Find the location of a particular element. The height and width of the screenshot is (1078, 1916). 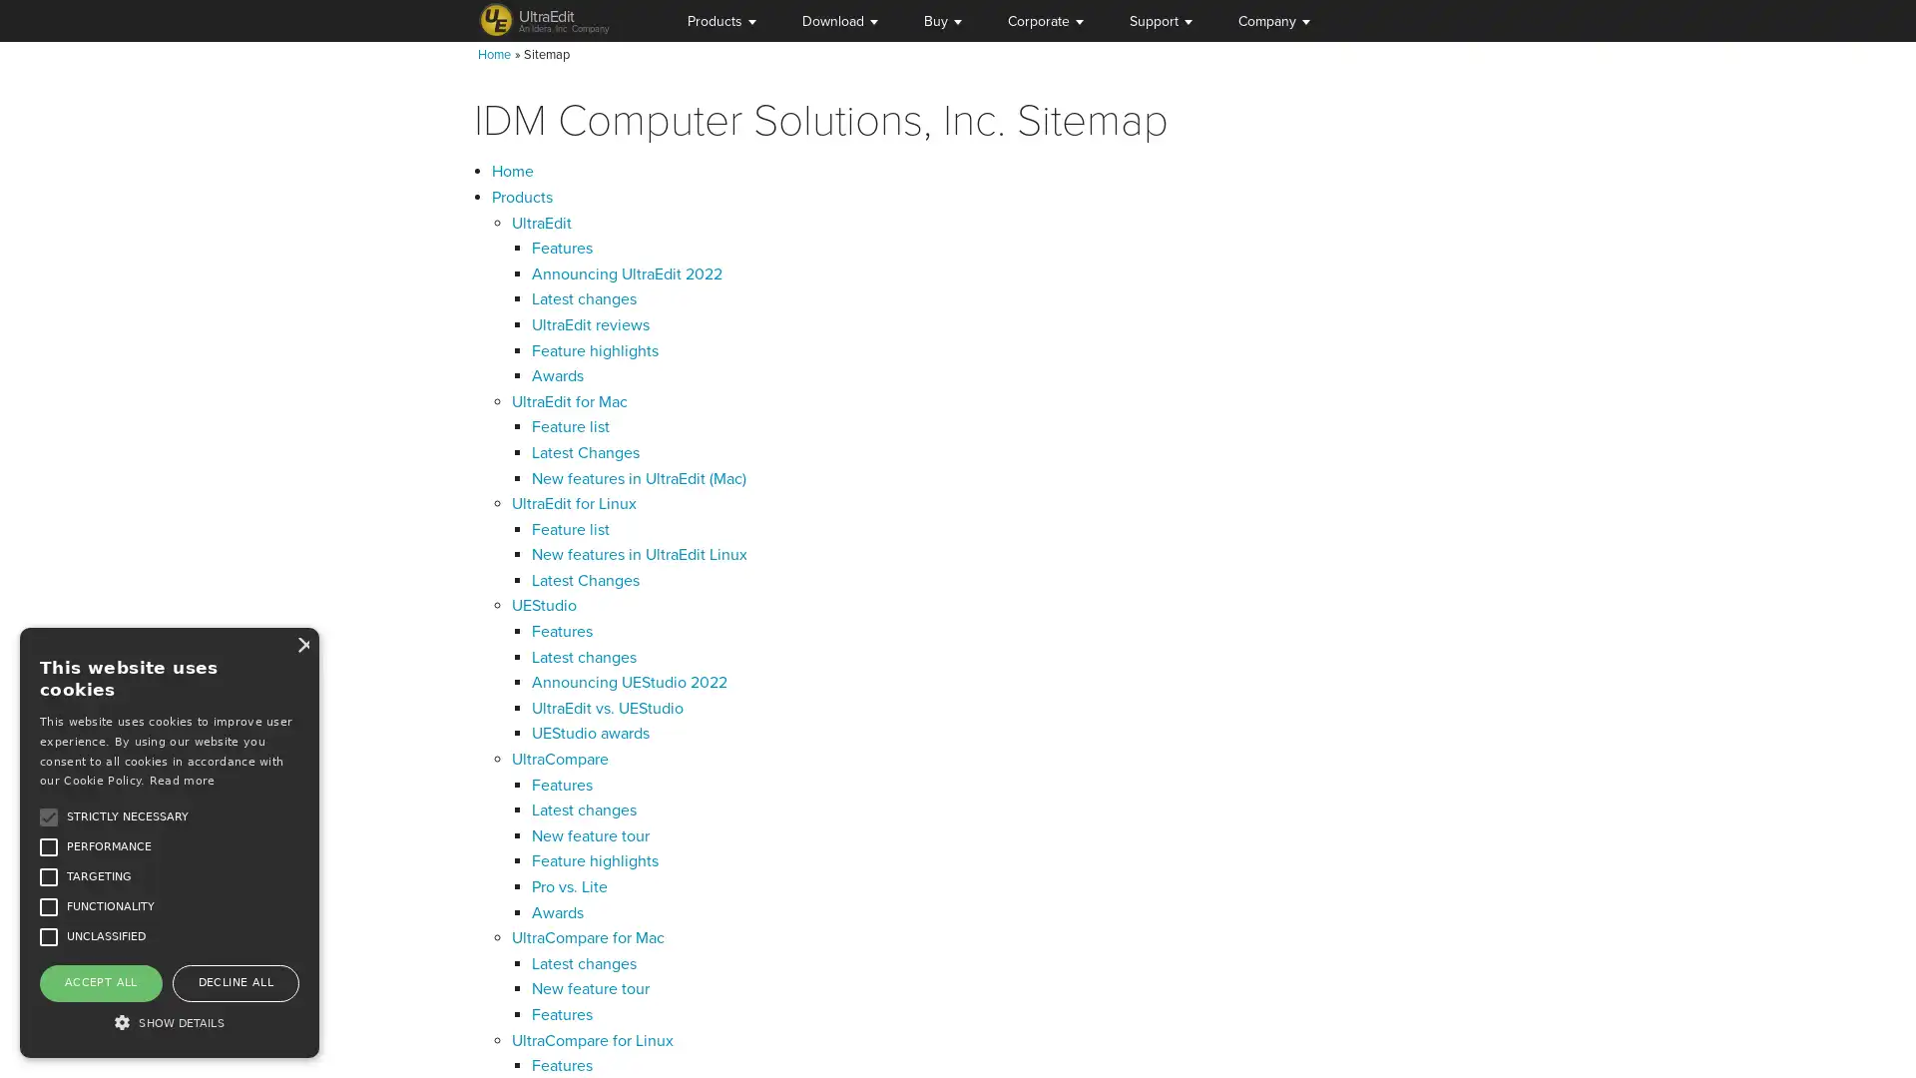

DECLINE ALL is located at coordinates (235, 981).